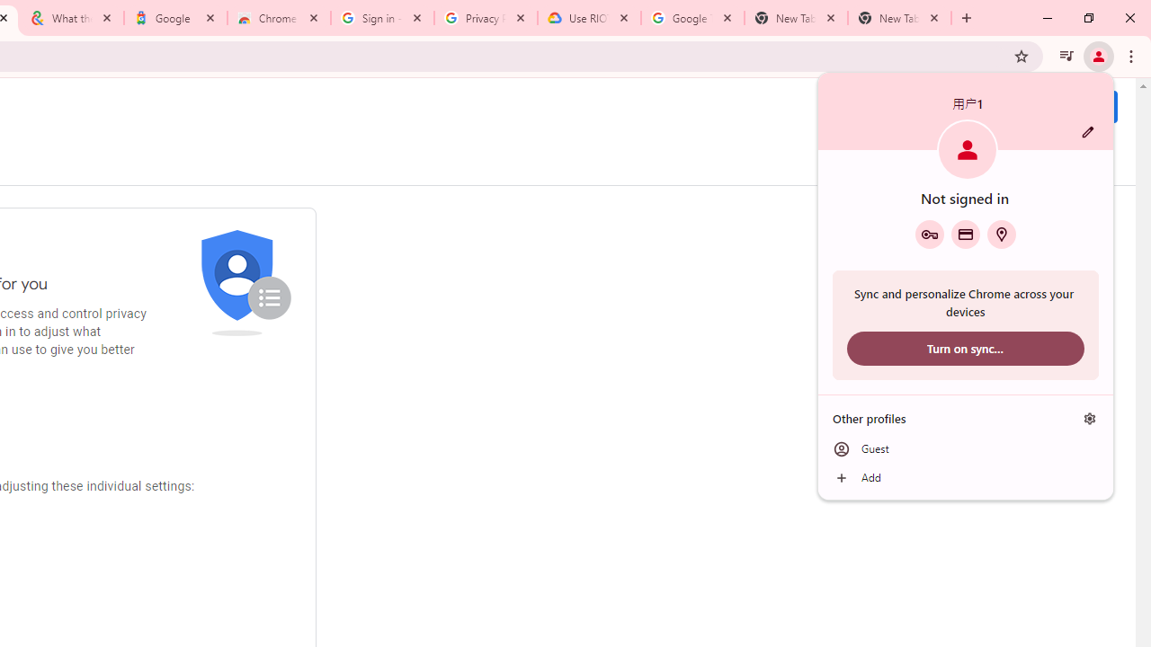 Image resolution: width=1151 pixels, height=647 pixels. What do you see at coordinates (380, 18) in the screenshot?
I see `'Sign in - Google Accounts'` at bounding box center [380, 18].